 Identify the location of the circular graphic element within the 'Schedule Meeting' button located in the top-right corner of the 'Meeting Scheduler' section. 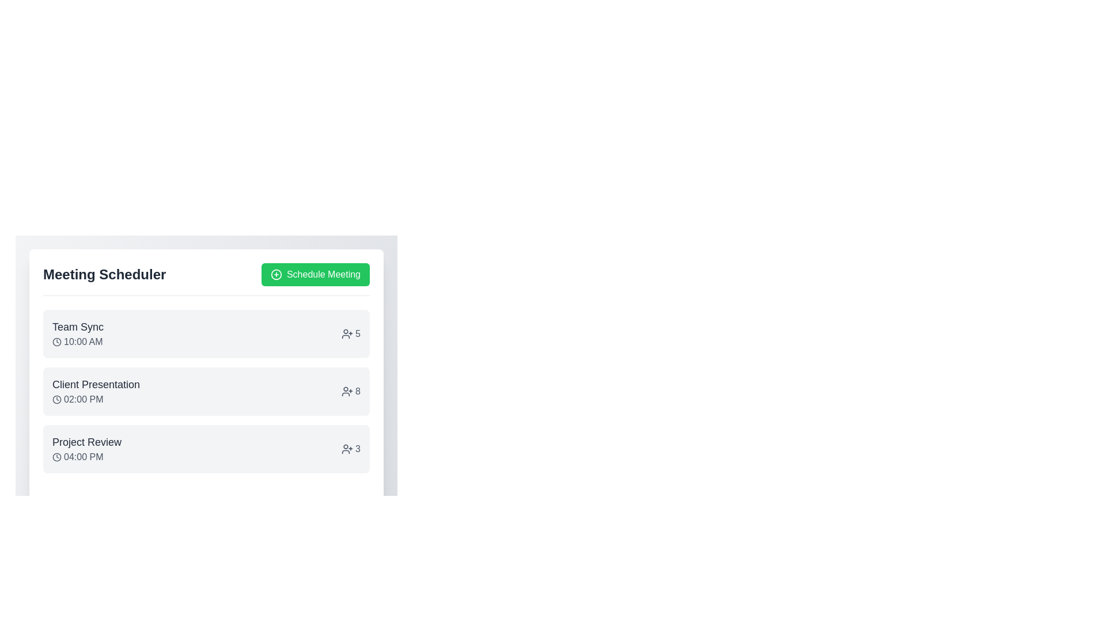
(276, 275).